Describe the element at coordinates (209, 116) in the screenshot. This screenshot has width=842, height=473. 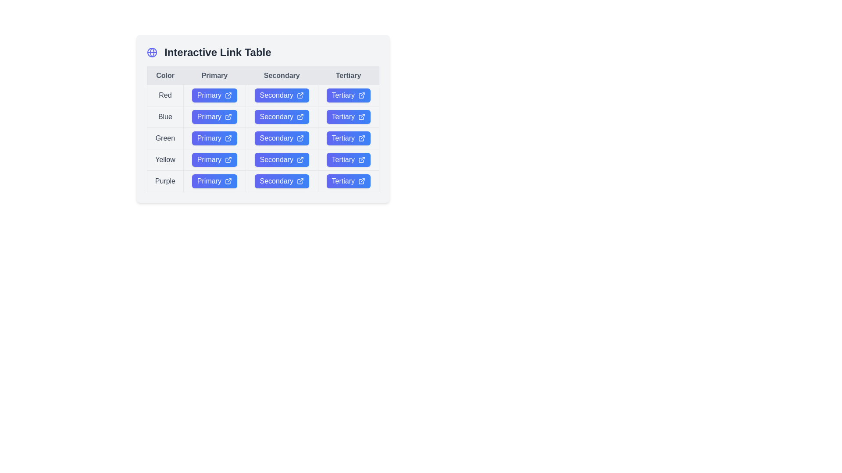
I see `the Text Label that serves as a button for the primary action related to the 'Blue' row in the second row of the table under the column labeled 'Primary'` at that location.